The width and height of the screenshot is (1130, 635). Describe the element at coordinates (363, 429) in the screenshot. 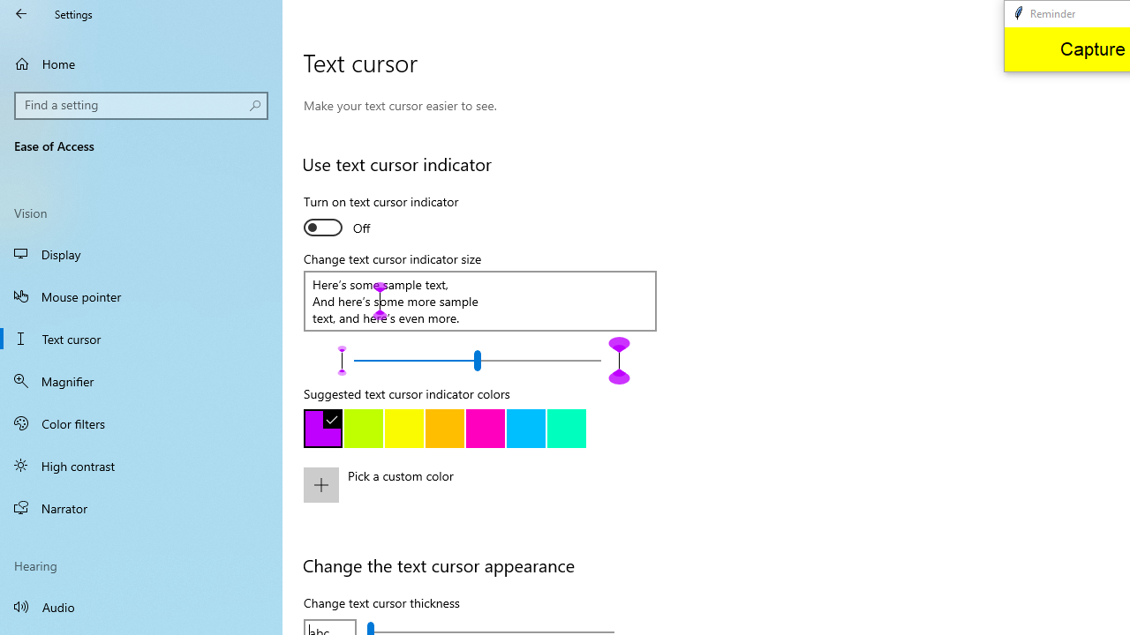

I see `'Lime'` at that location.